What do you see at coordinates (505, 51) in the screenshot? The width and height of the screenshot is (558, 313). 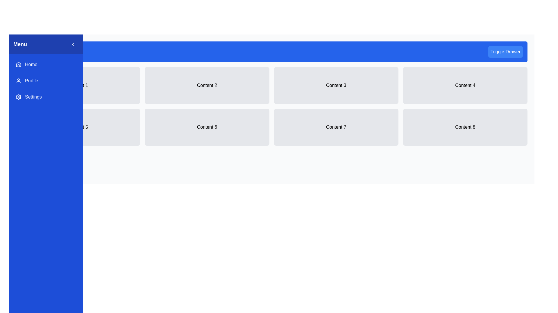 I see `the toggle button located at the far-right end of the blue section labeled 'Dashboard'` at bounding box center [505, 51].